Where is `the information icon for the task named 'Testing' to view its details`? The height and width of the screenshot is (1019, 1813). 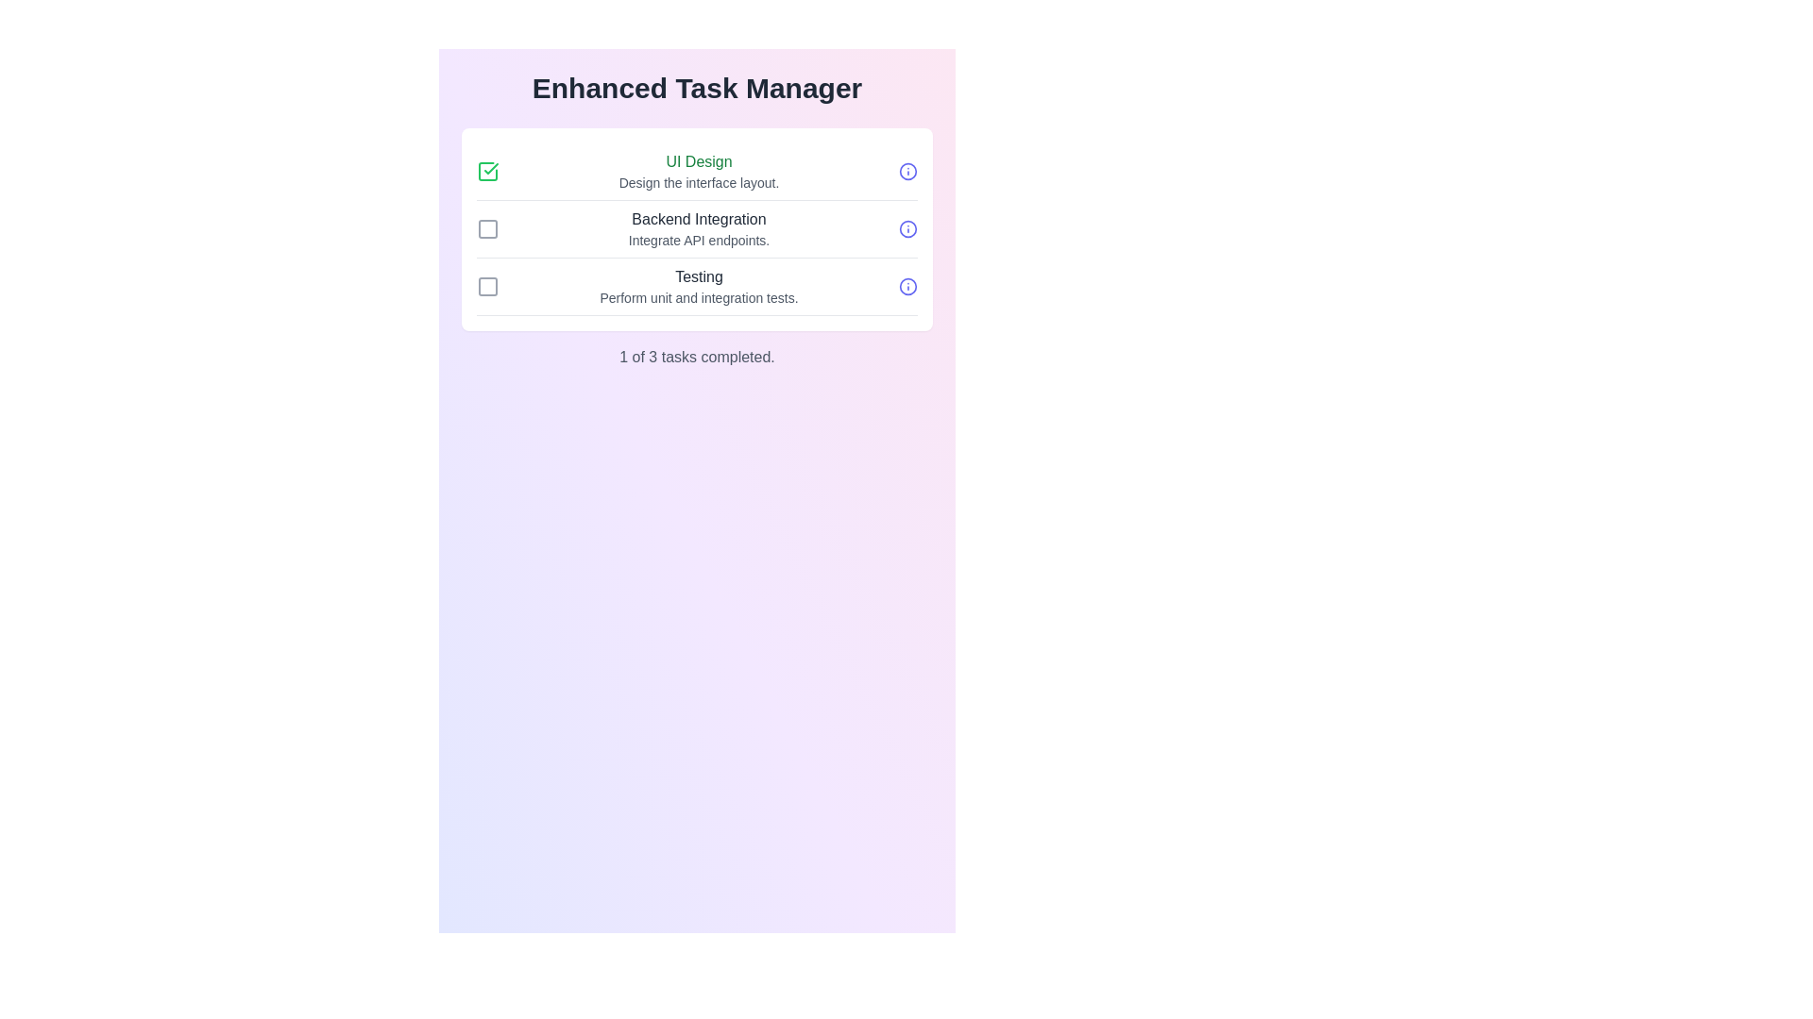 the information icon for the task named 'Testing' to view its details is located at coordinates (907, 287).